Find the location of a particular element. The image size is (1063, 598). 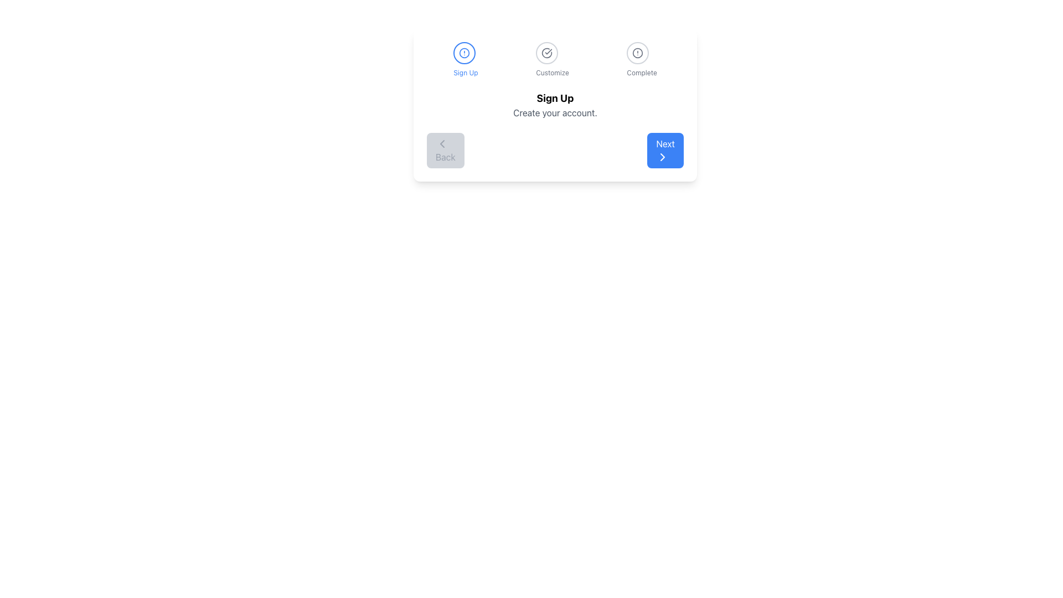

the static text block that displays the heading 'Sign Up' and the subtitle 'Create your account', which is centrally located within a white card layout is located at coordinates (555, 105).